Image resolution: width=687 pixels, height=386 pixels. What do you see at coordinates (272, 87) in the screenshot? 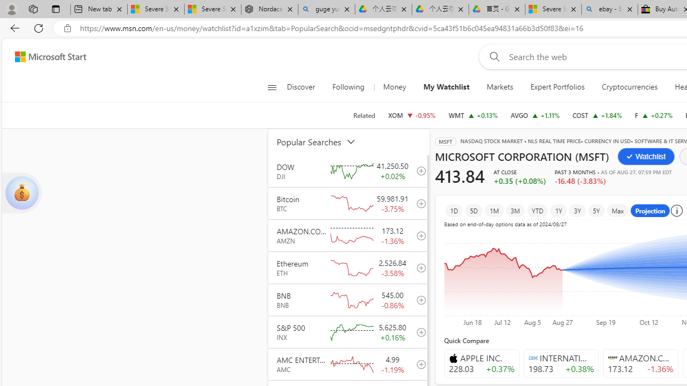
I see `'Open navigation menu'` at bounding box center [272, 87].